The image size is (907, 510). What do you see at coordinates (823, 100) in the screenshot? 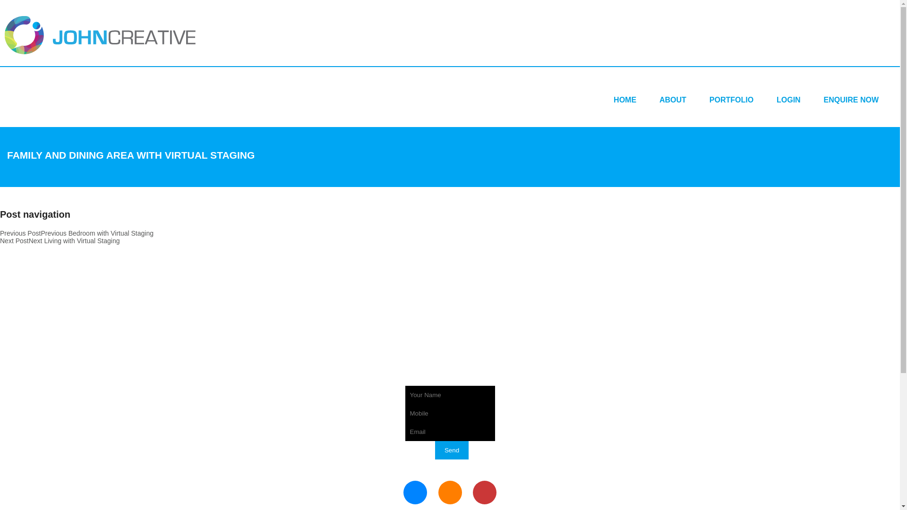
I see `'ENQUIRE NOW'` at bounding box center [823, 100].